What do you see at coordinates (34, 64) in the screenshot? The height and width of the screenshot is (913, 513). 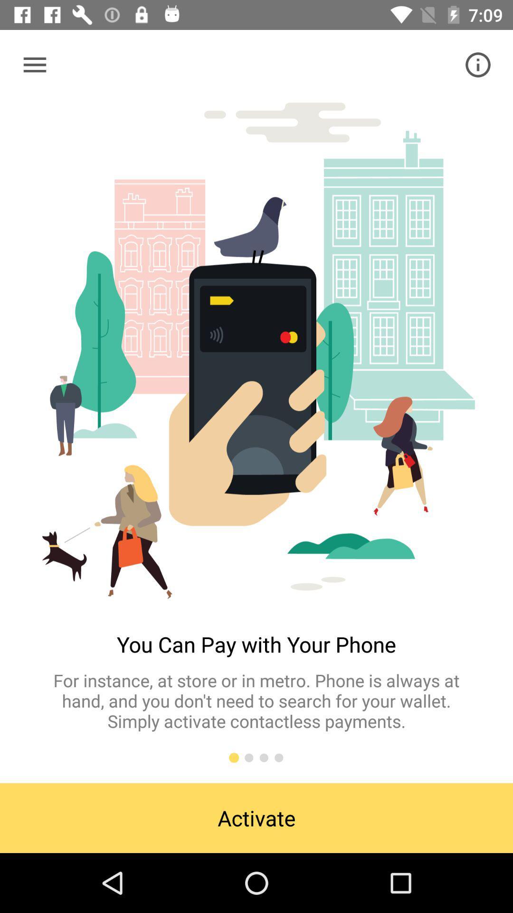 I see `item at the top left corner` at bounding box center [34, 64].